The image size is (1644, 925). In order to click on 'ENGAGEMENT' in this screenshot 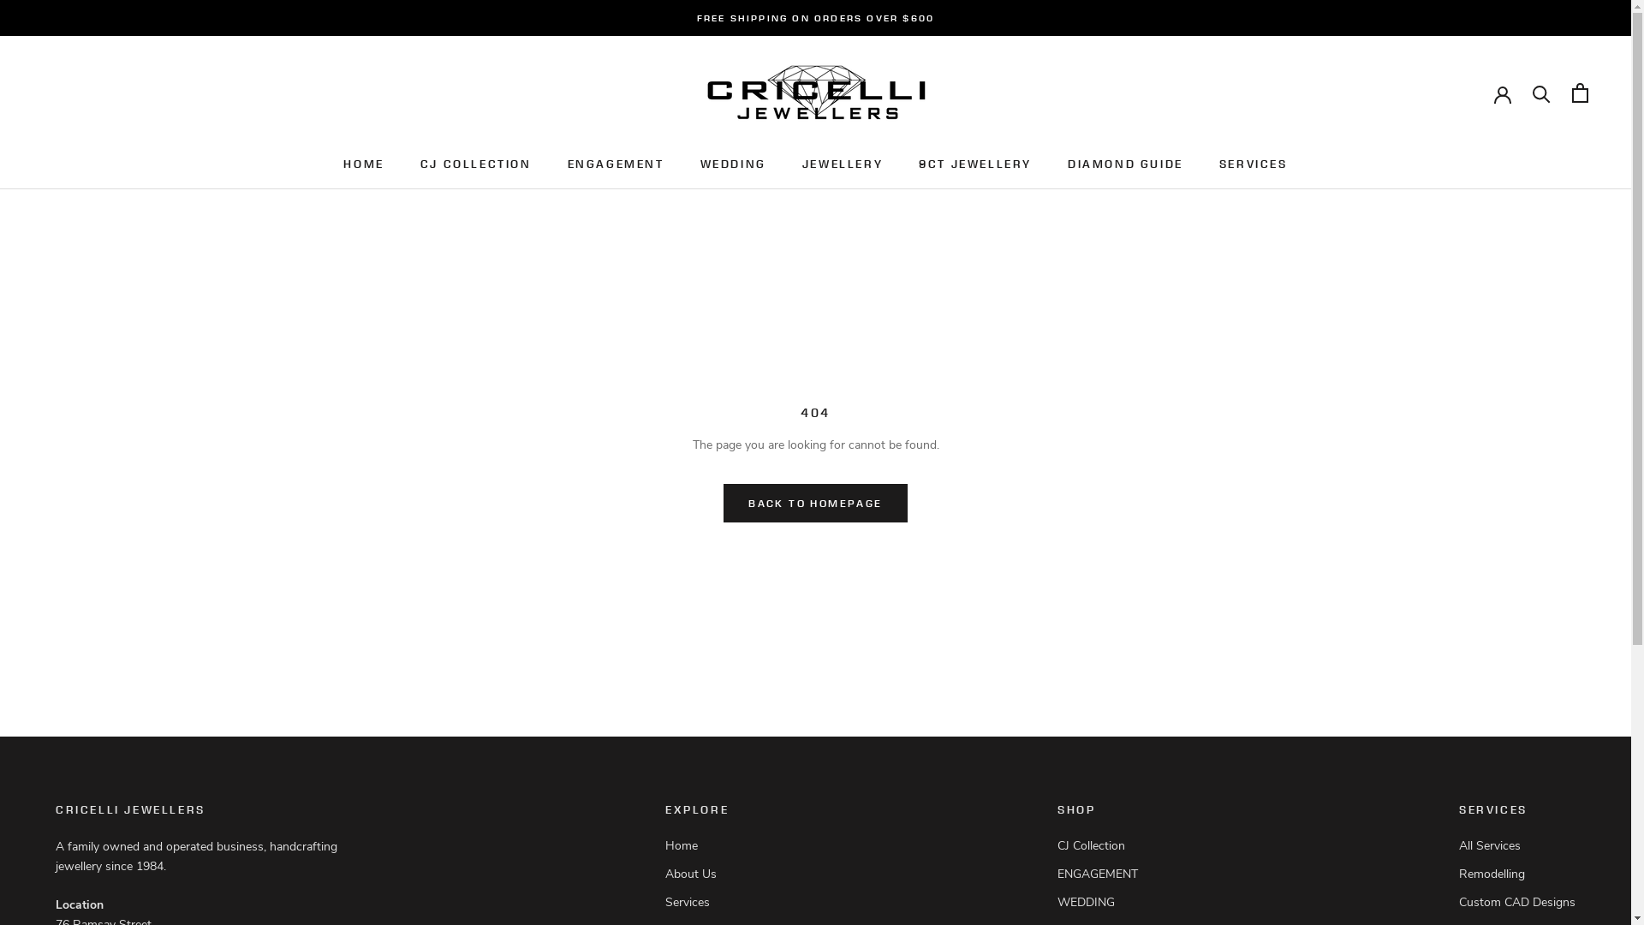, I will do `click(567, 164)`.